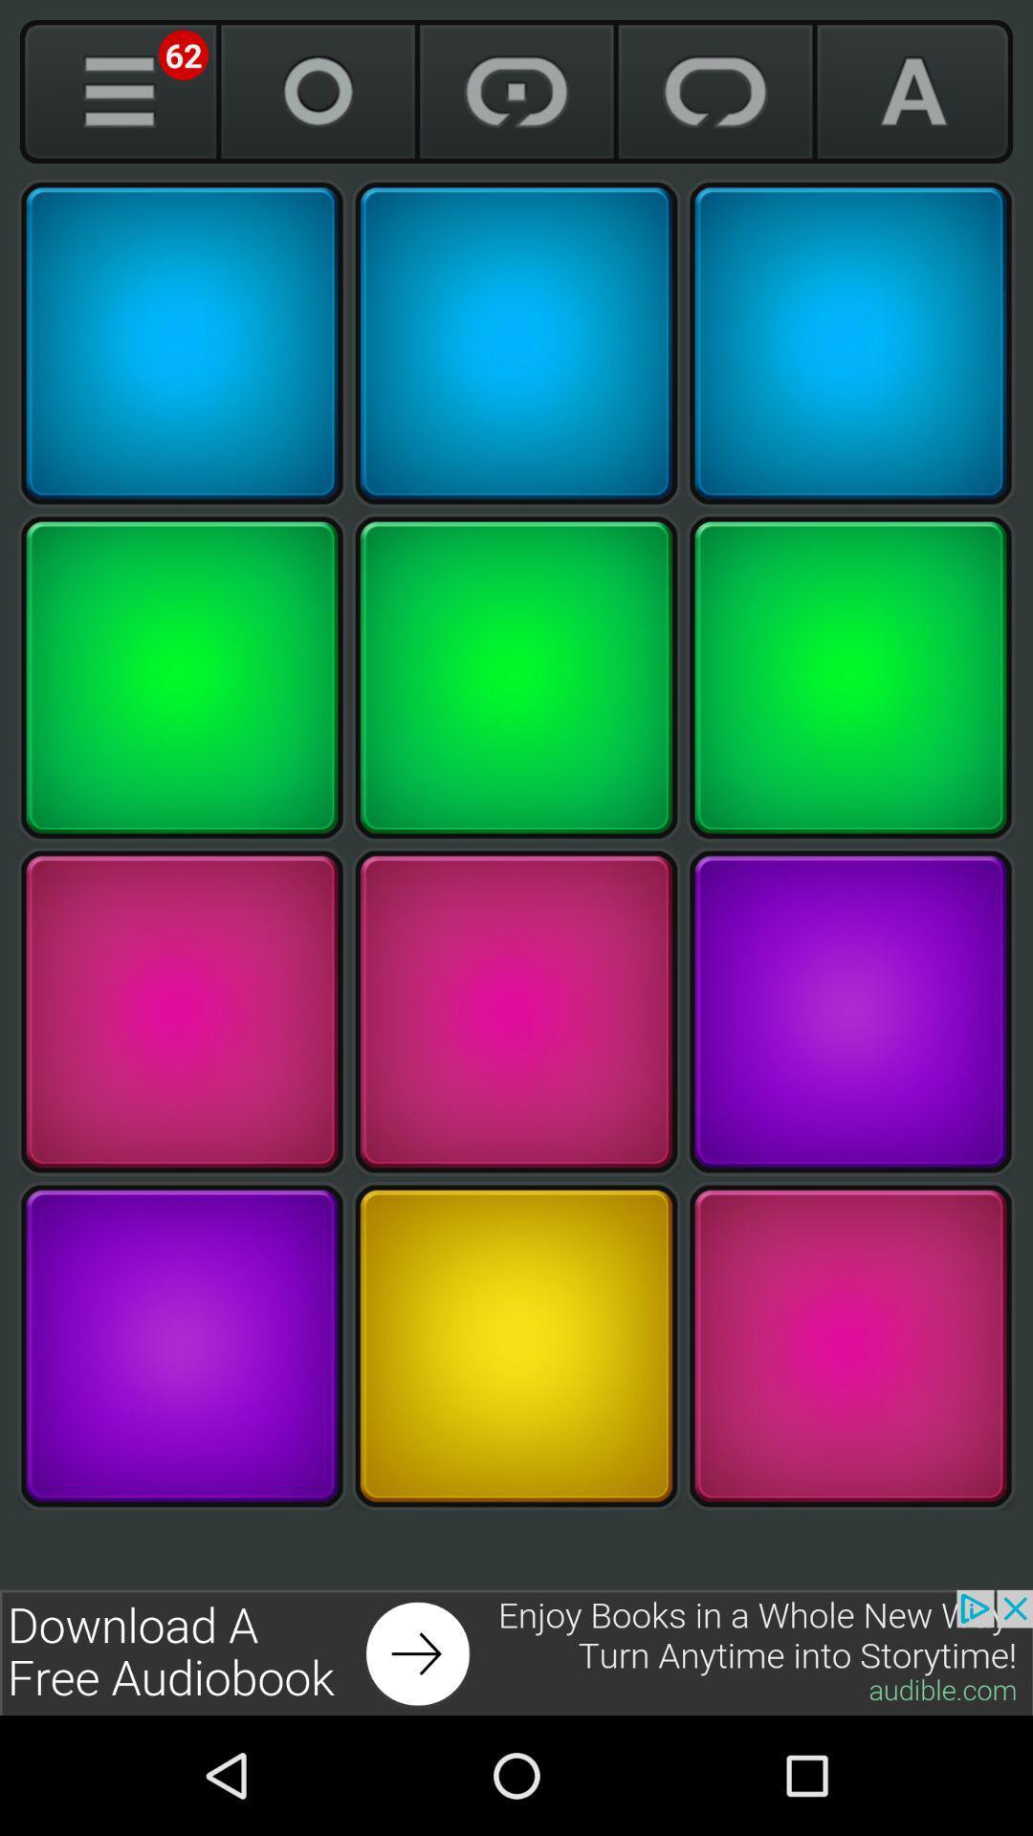 This screenshot has height=1836, width=1033. Describe the element at coordinates (849, 677) in the screenshot. I see `key number 6` at that location.